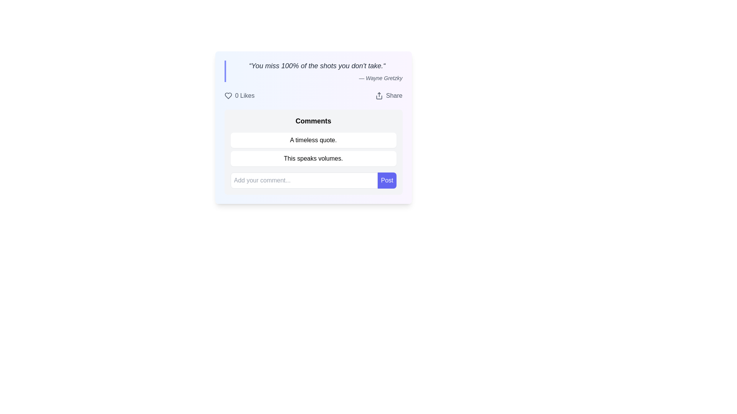  I want to click on the heart-shaped icon representing a 'like' action to potentially see a tooltip, so click(228, 95).